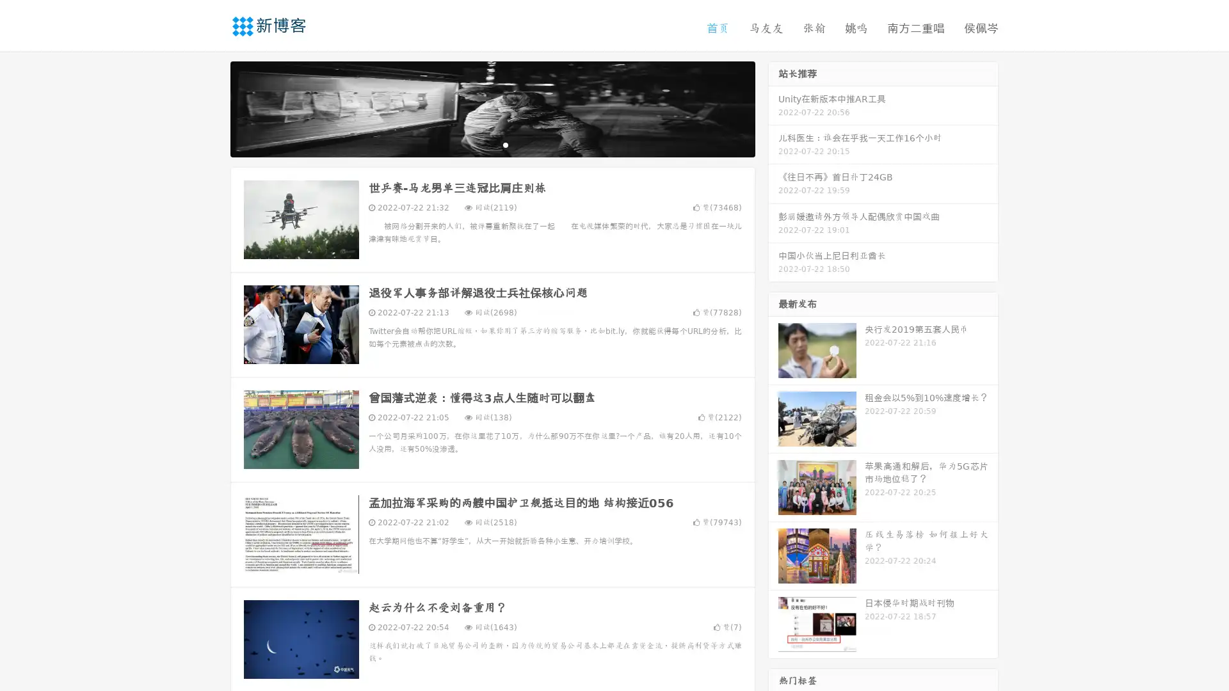 The image size is (1229, 691). What do you see at coordinates (492, 144) in the screenshot?
I see `Go to slide 2` at bounding box center [492, 144].